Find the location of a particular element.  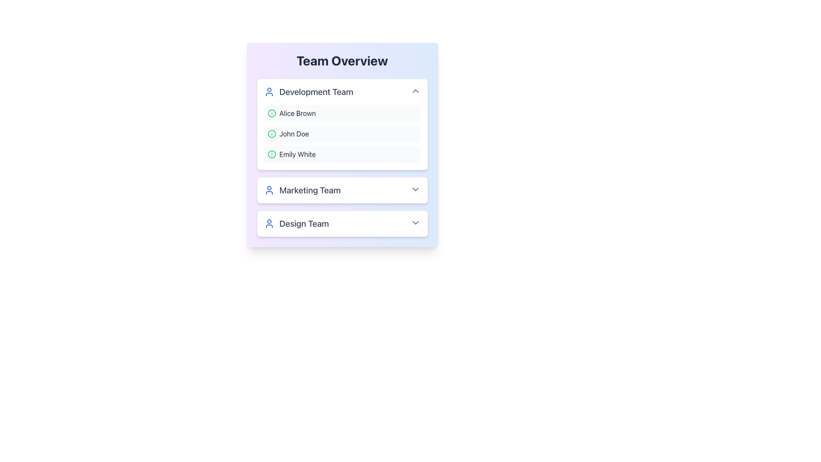

the informational/status indicator icon located under the 'Development Team' section, positioned to the left of 'Alice Brown' is located at coordinates (271, 113).